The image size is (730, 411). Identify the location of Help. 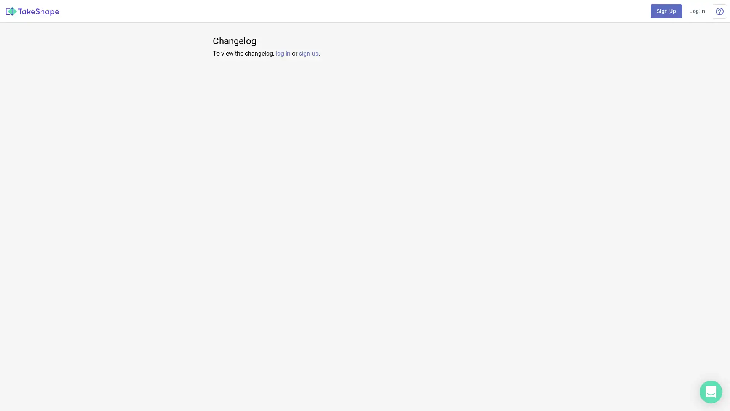
(719, 11).